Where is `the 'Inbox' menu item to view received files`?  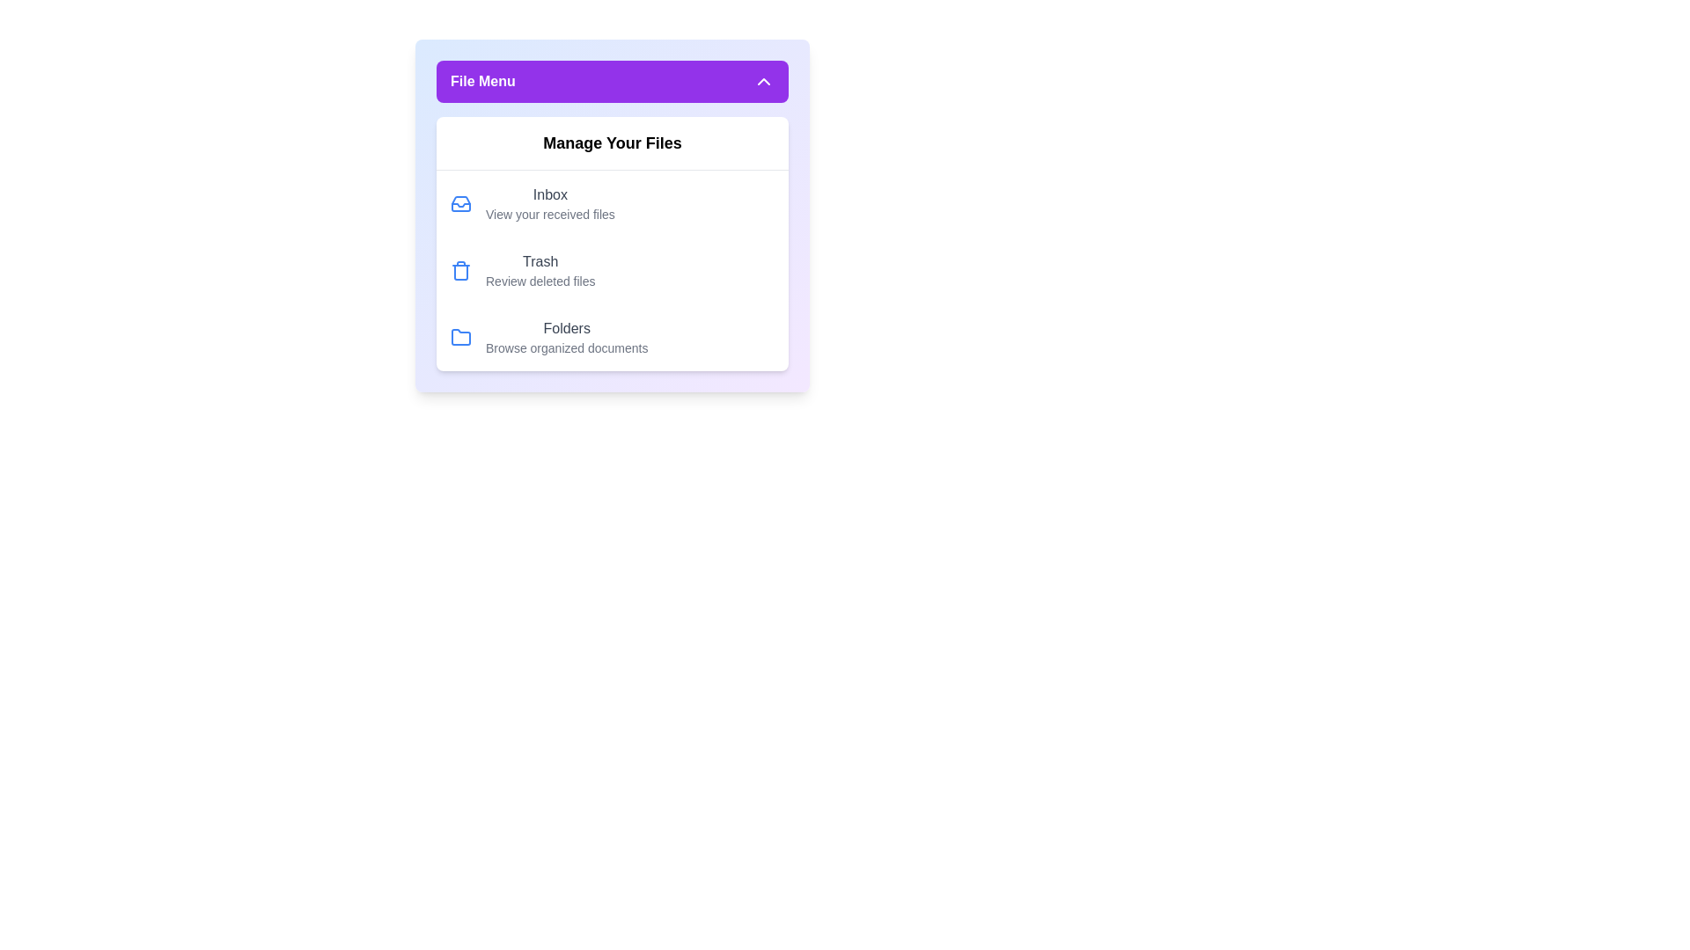
the 'Inbox' menu item to view received files is located at coordinates (531, 202).